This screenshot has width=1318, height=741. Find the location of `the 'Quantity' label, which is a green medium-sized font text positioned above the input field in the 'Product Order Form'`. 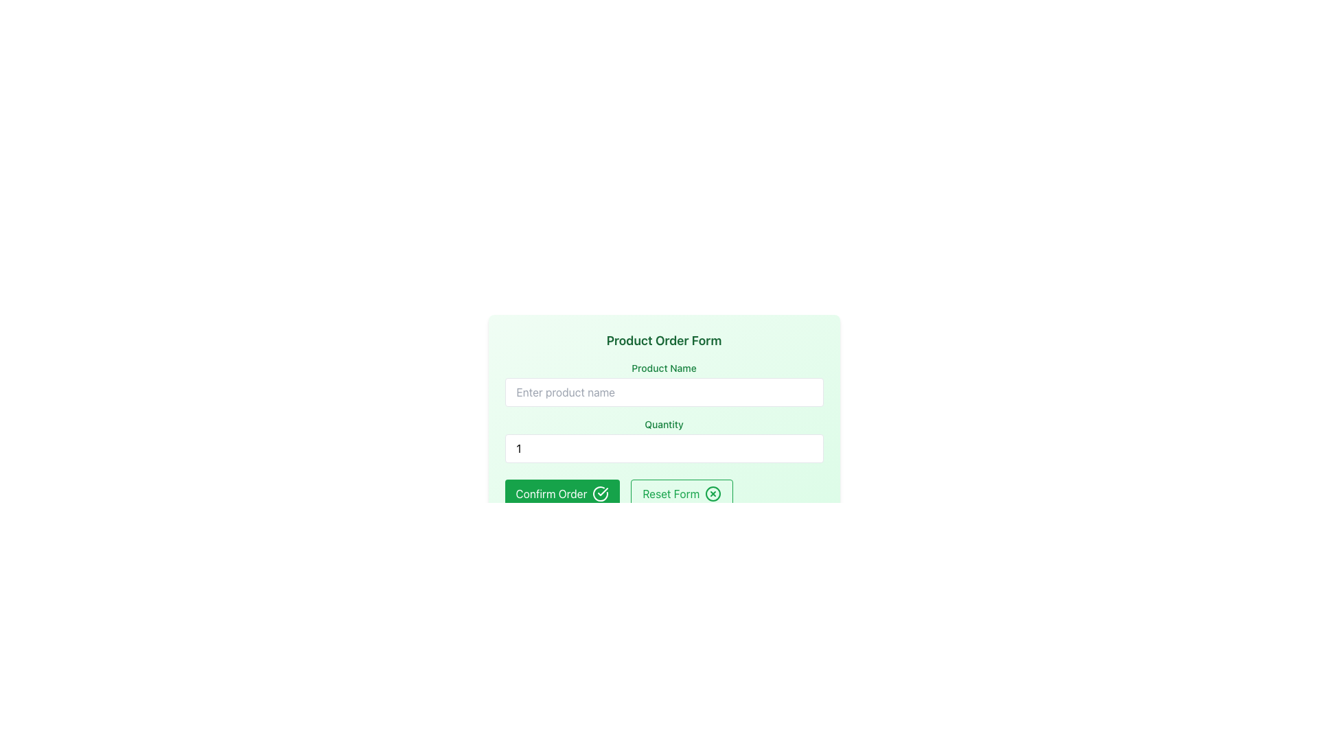

the 'Quantity' label, which is a green medium-sized font text positioned above the input field in the 'Product Order Form' is located at coordinates (664, 423).